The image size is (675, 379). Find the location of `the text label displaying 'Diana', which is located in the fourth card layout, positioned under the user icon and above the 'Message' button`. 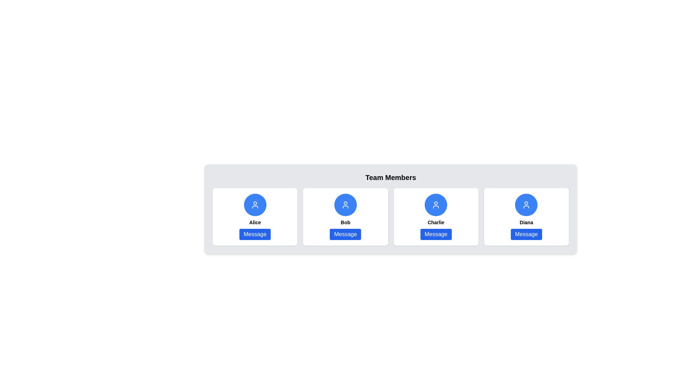

the text label displaying 'Diana', which is located in the fourth card layout, positioned under the user icon and above the 'Message' button is located at coordinates (526, 222).